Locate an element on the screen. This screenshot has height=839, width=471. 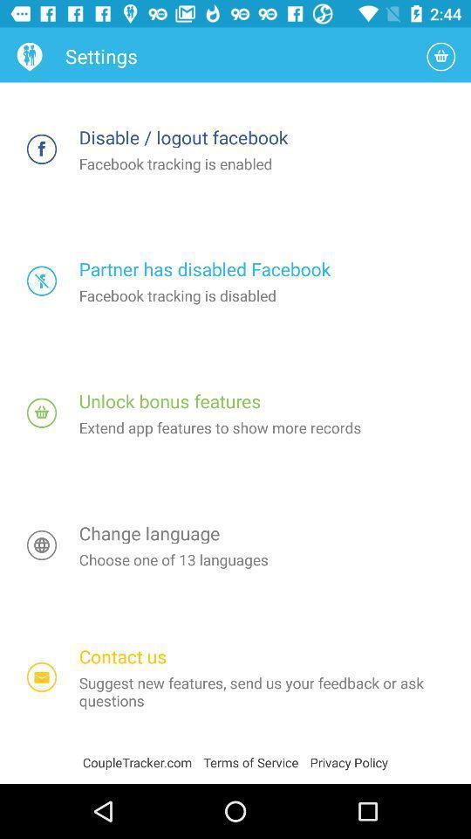
the item to the right of coupletracker.com is located at coordinates (256, 761).